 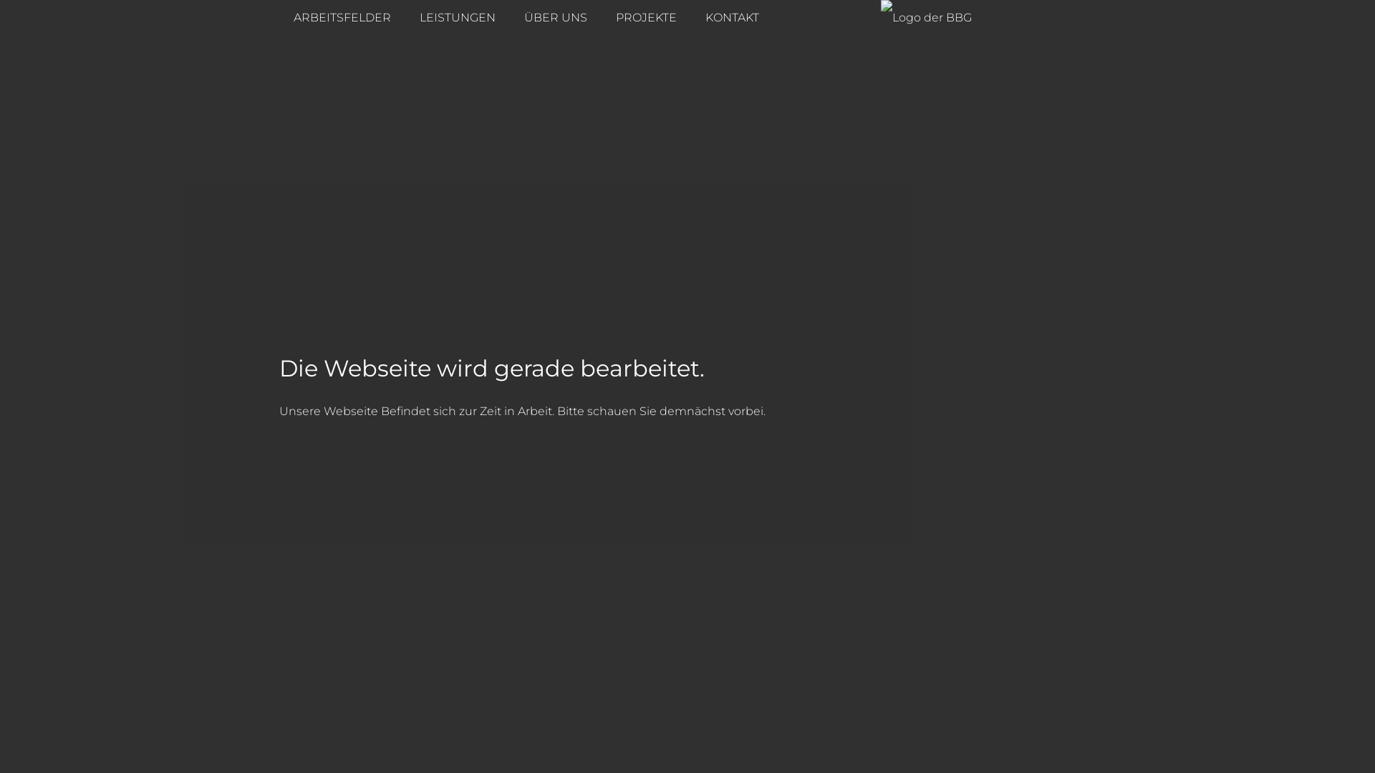 I want to click on 'KONTAKT', so click(x=690, y=17).